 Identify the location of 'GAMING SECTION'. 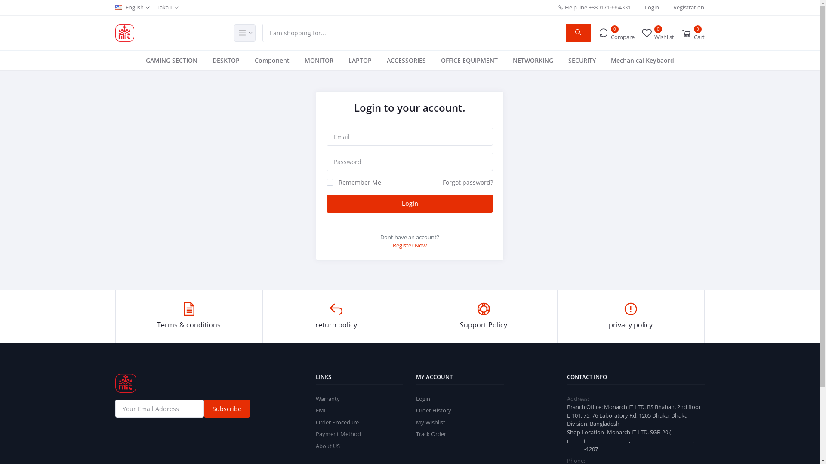
(171, 60).